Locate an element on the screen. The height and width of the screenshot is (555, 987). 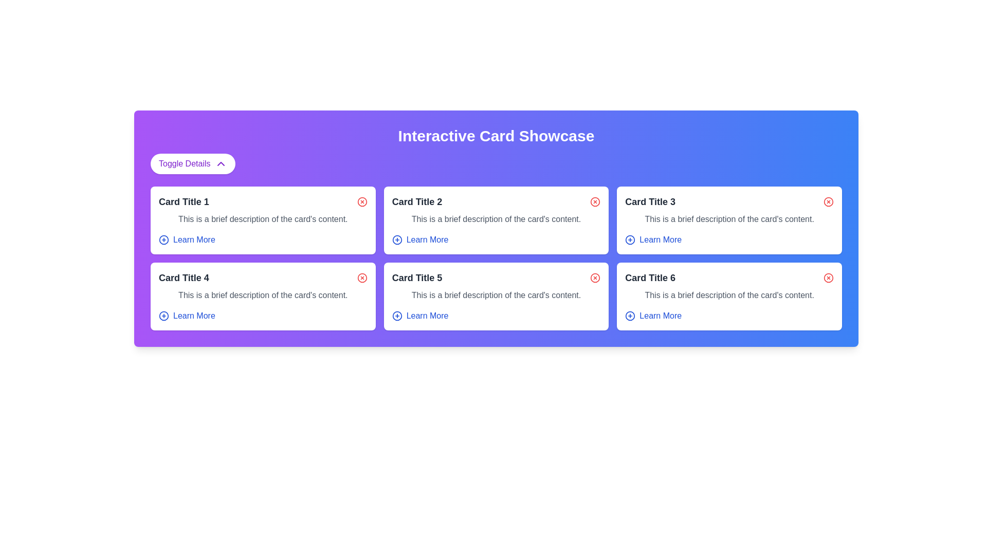
the circular icon located in the top-right corner of the third card in the grid layout is located at coordinates (829, 202).